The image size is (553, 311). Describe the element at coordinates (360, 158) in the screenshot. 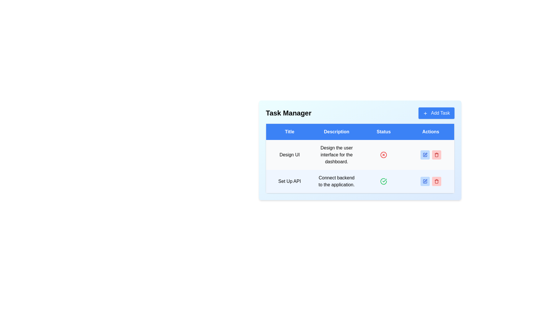

I see `the Data table element, which is a white table with rounded borders and shadow effect, containing columns titled 'Title,' 'Description,' 'Status,' and 'Actions.'` at that location.